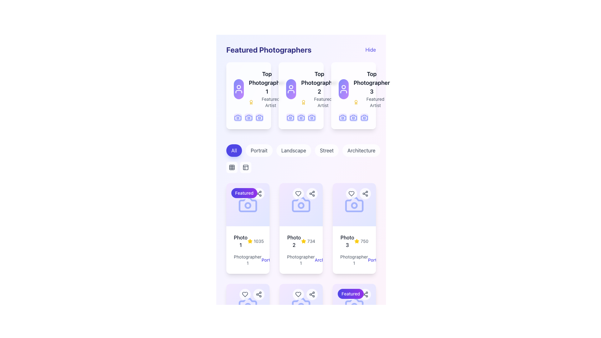  I want to click on the star-shaped icon with a bright yellow color fill located to the left of the numeric label '734', so click(303, 241).